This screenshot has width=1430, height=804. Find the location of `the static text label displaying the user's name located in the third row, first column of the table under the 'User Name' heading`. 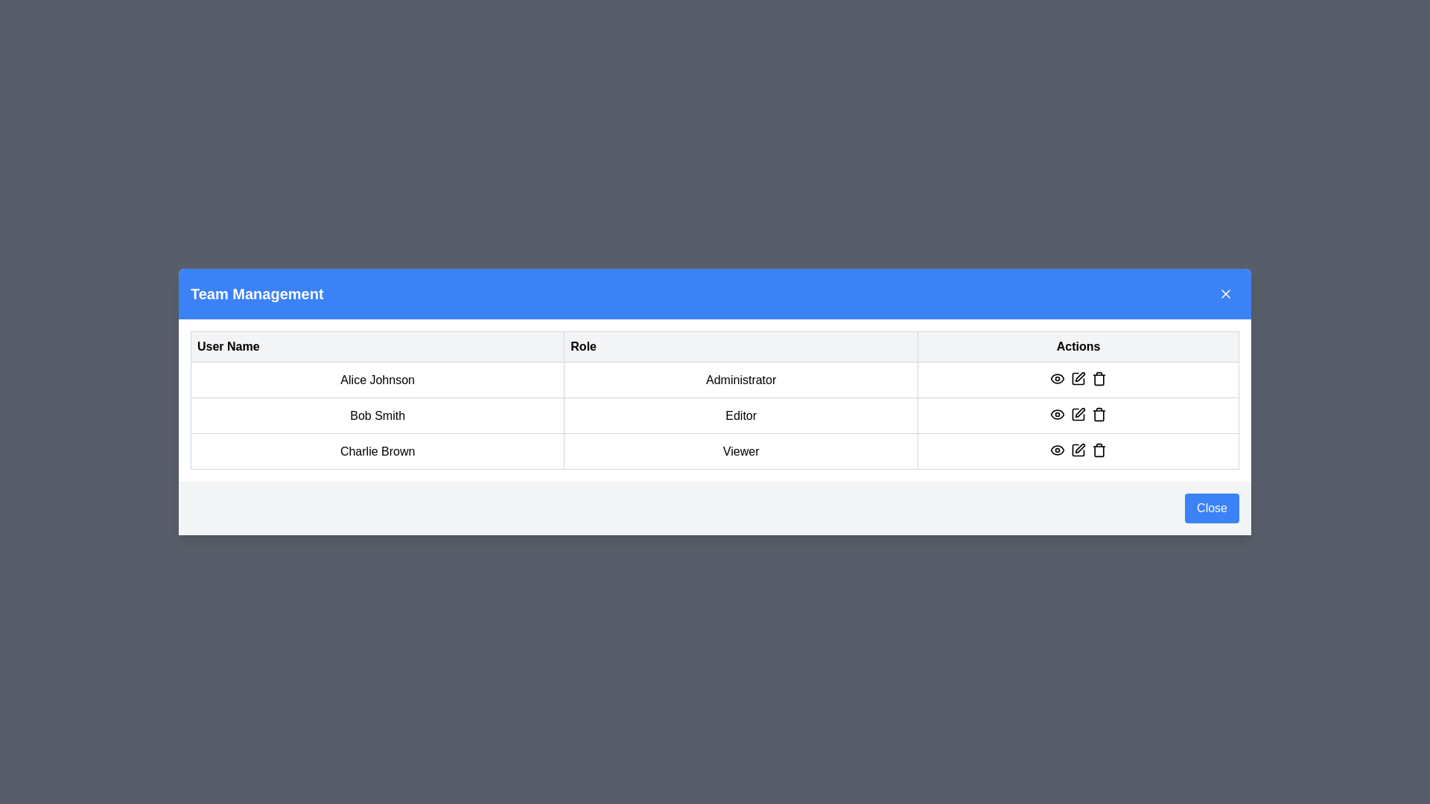

the static text label displaying the user's name located in the third row, first column of the table under the 'User Name' heading is located at coordinates (378, 450).